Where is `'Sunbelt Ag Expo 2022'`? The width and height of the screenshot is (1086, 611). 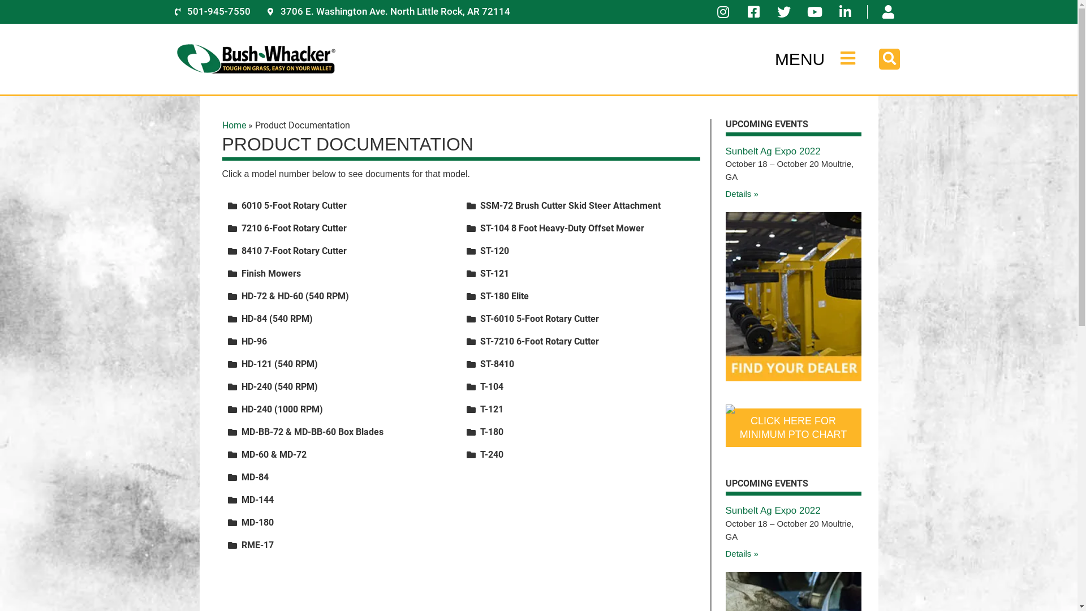 'Sunbelt Ag Expo 2022' is located at coordinates (772, 150).